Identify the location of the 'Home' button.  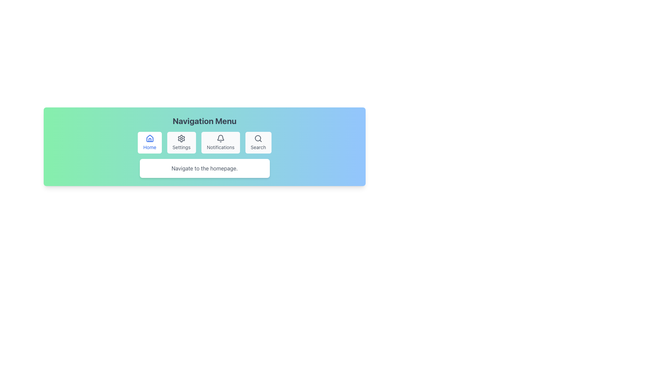
(149, 142).